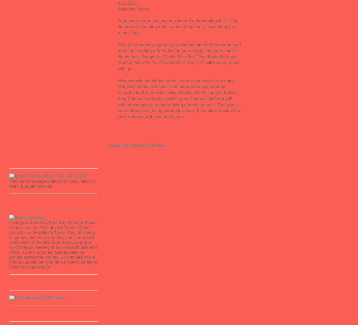 The height and width of the screenshot is (325, 358). What do you see at coordinates (179, 56) in the screenshot?
I see `'Whether it meant winding up the Victrola inherited from mom and dad or just putting a “forty-five” in our record player later, music did the trick. Songs like “Dock of the Bay,” “You Made Me Love You,” or “Why Do You Treat Me Like You Do?” will forever remain with me.'` at bounding box center [179, 56].